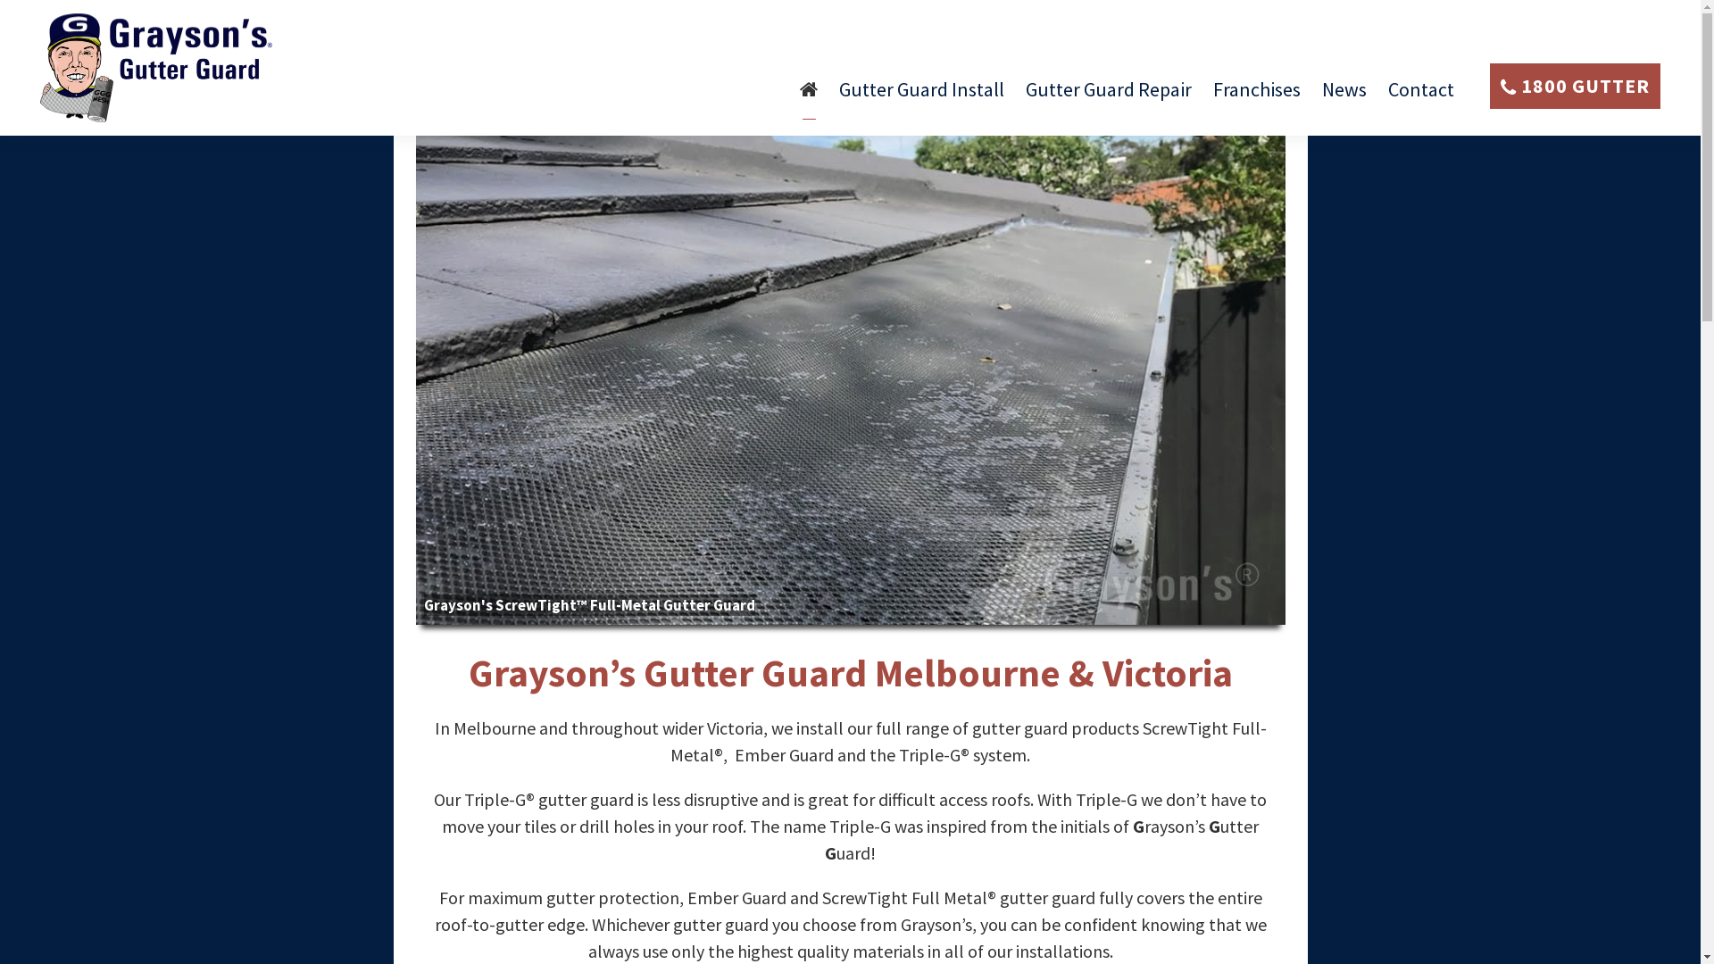 This screenshot has height=964, width=1714. Describe the element at coordinates (1255, 96) in the screenshot. I see `'Franchises'` at that location.